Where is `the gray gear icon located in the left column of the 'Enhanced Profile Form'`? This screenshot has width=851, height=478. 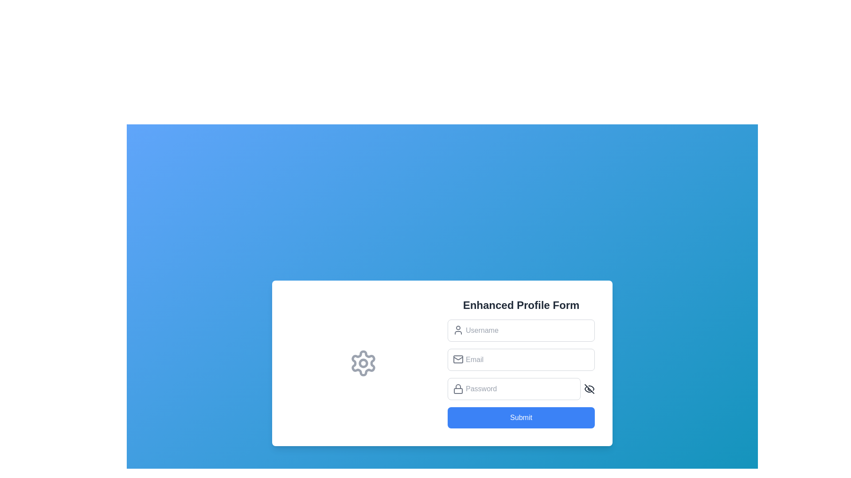 the gray gear icon located in the left column of the 'Enhanced Profile Form' is located at coordinates (363, 363).